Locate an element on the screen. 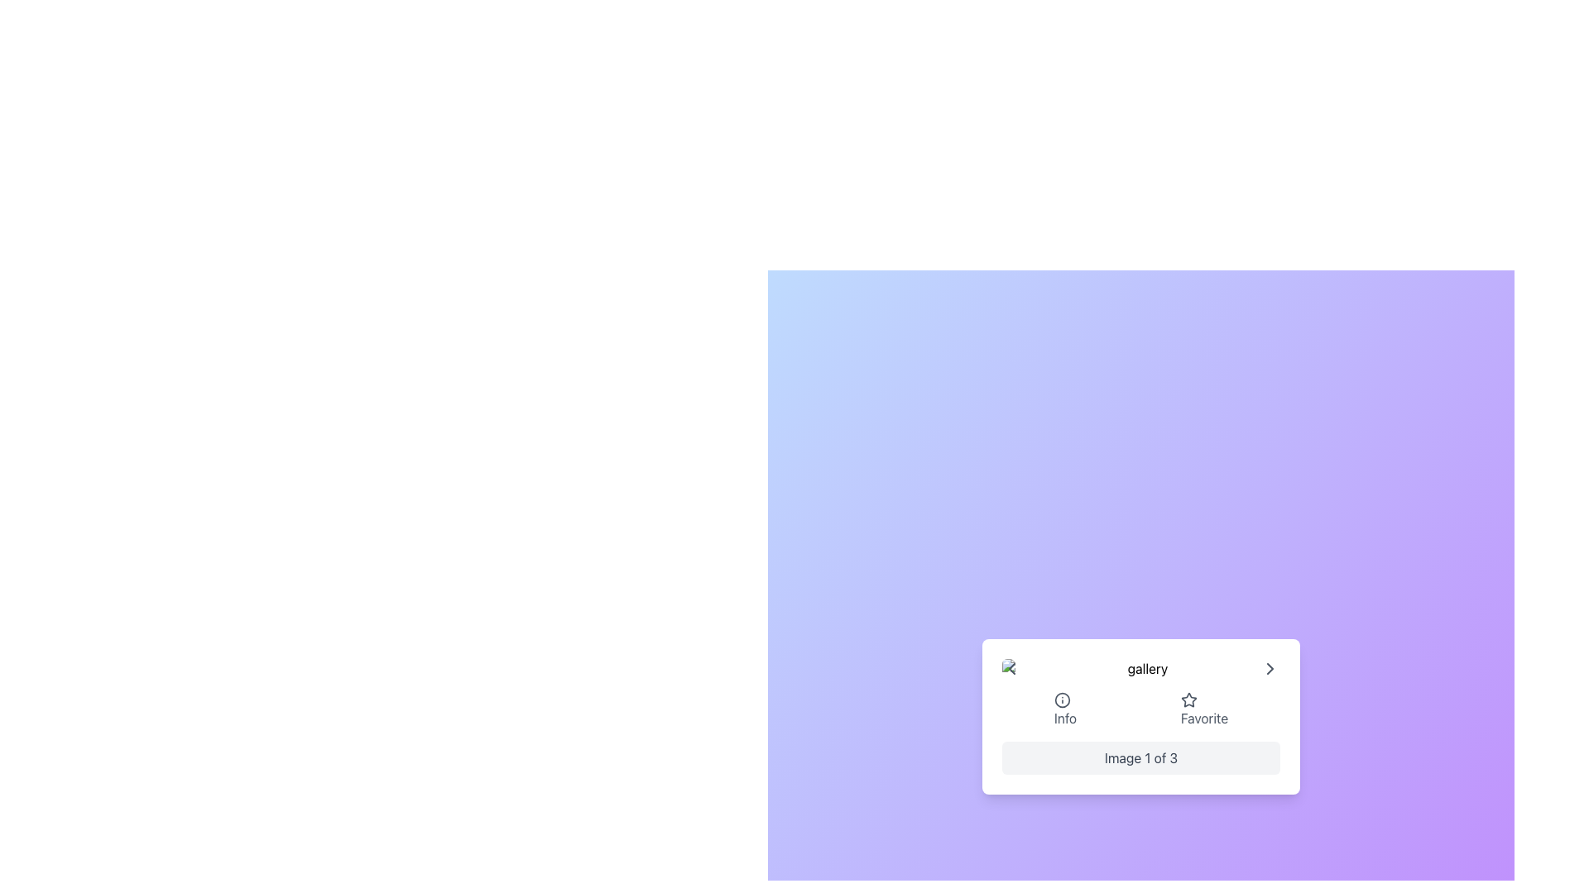  the 'Favorite' button, which features a star icon followed by the text 'Favorite', to mark it as favorite is located at coordinates (1203, 709).